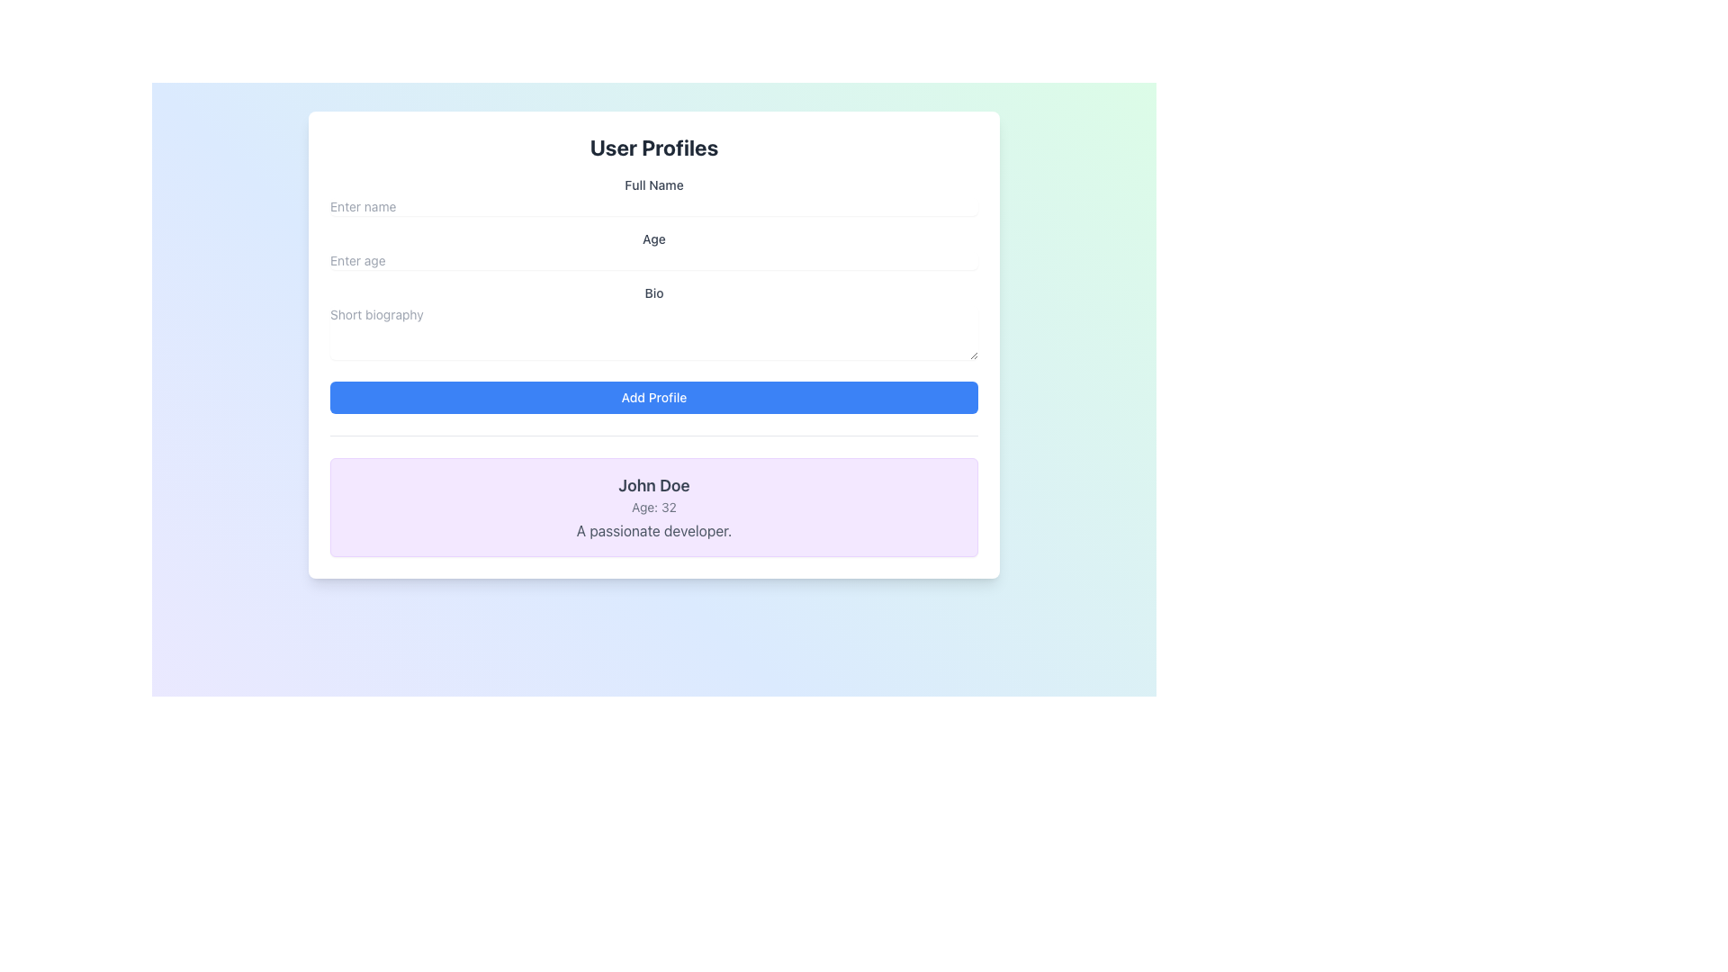 The width and height of the screenshot is (1728, 972). Describe the element at coordinates (652, 184) in the screenshot. I see `the label that describes the input field for entering a full name, positioned directly above the input box labeled 'Enter name'` at that location.